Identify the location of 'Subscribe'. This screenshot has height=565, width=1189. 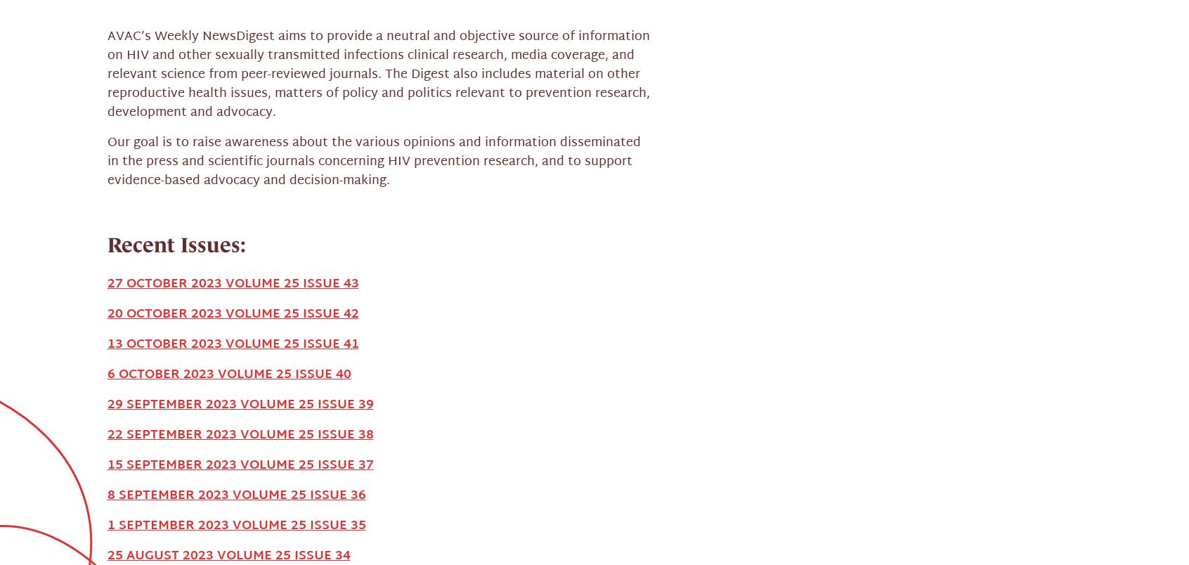
(836, 472).